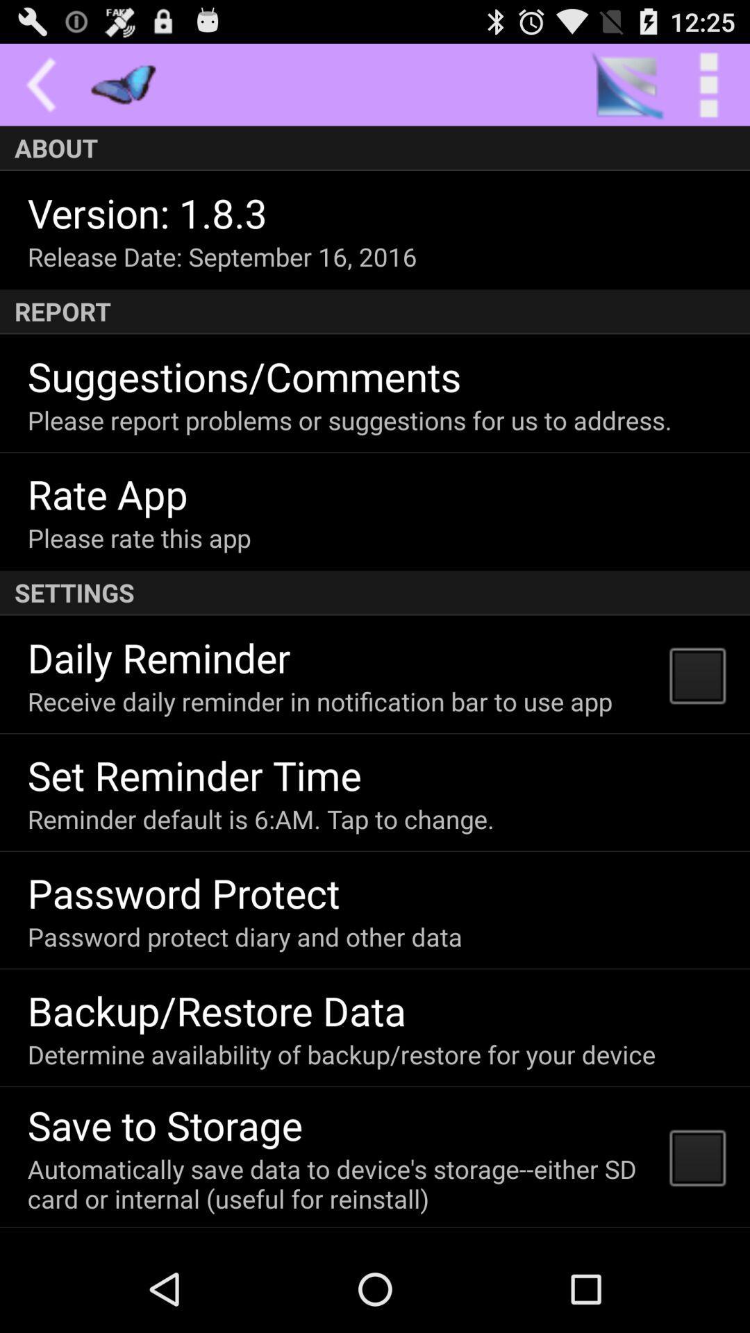 This screenshot has height=1333, width=750. What do you see at coordinates (147, 212) in the screenshot?
I see `the item below the about icon` at bounding box center [147, 212].